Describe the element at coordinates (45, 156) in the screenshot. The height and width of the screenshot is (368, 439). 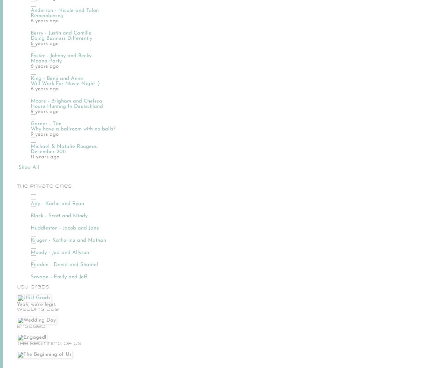
I see `'11 years ago'` at that location.